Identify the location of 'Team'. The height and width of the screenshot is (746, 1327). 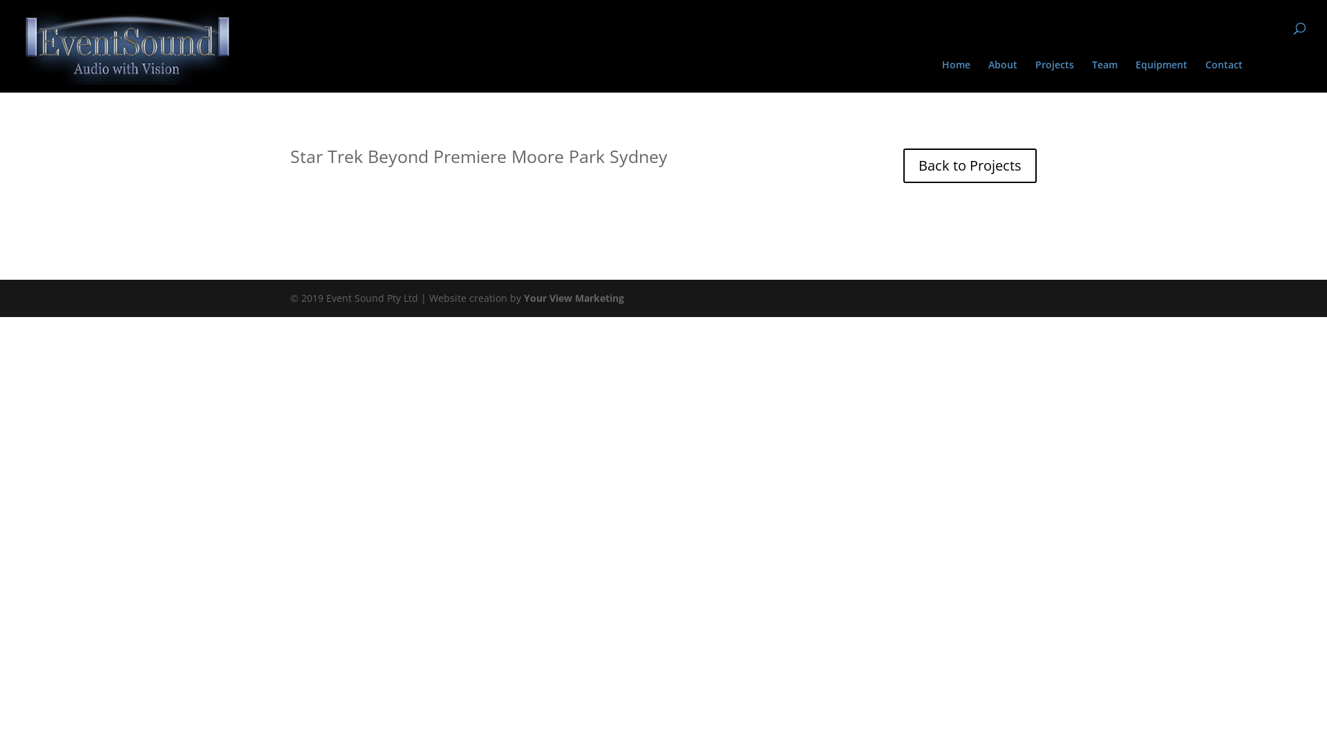
(1091, 76).